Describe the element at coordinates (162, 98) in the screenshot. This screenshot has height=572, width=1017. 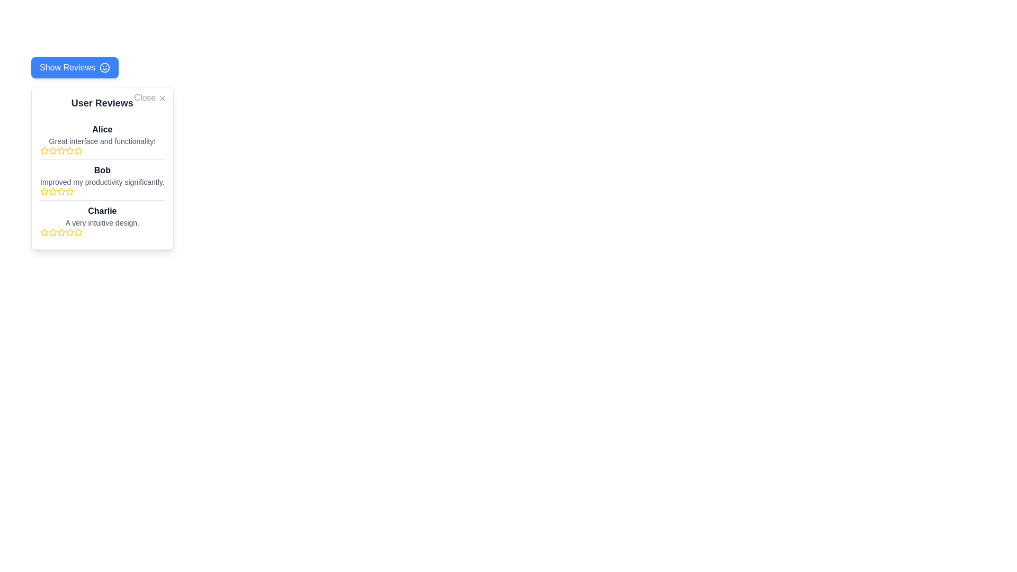
I see `the cross icon located in the top-right corner of the 'User Reviews' card` at that location.